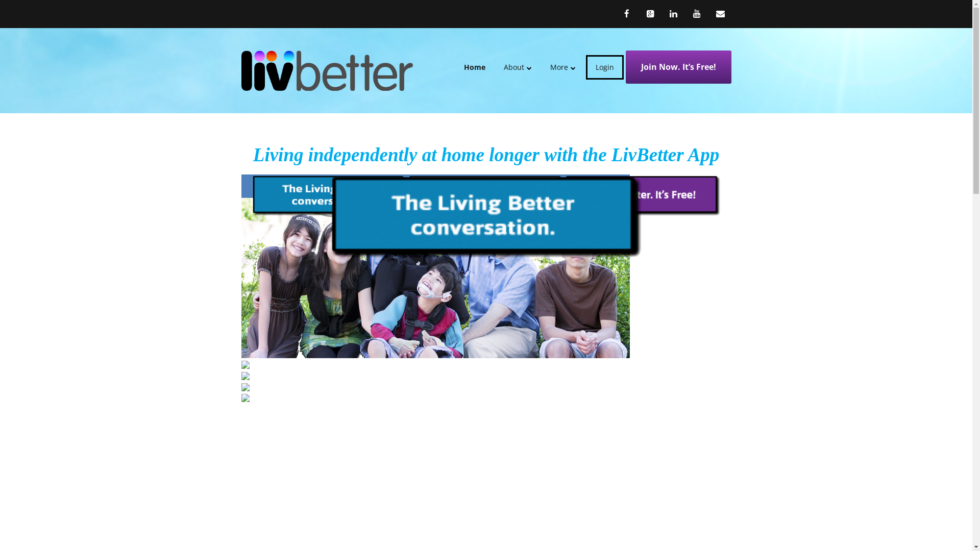 This screenshot has height=551, width=980. I want to click on 'YouTube', so click(697, 14).